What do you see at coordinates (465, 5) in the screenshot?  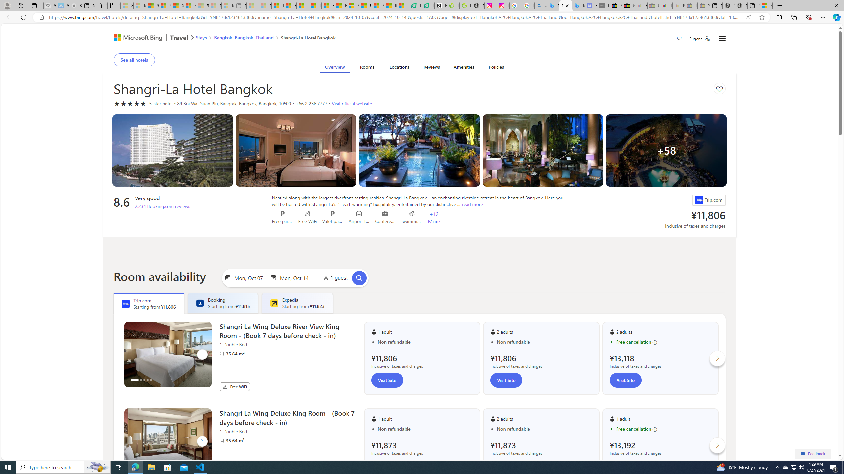 I see `'Descarga Driver Updater'` at bounding box center [465, 5].